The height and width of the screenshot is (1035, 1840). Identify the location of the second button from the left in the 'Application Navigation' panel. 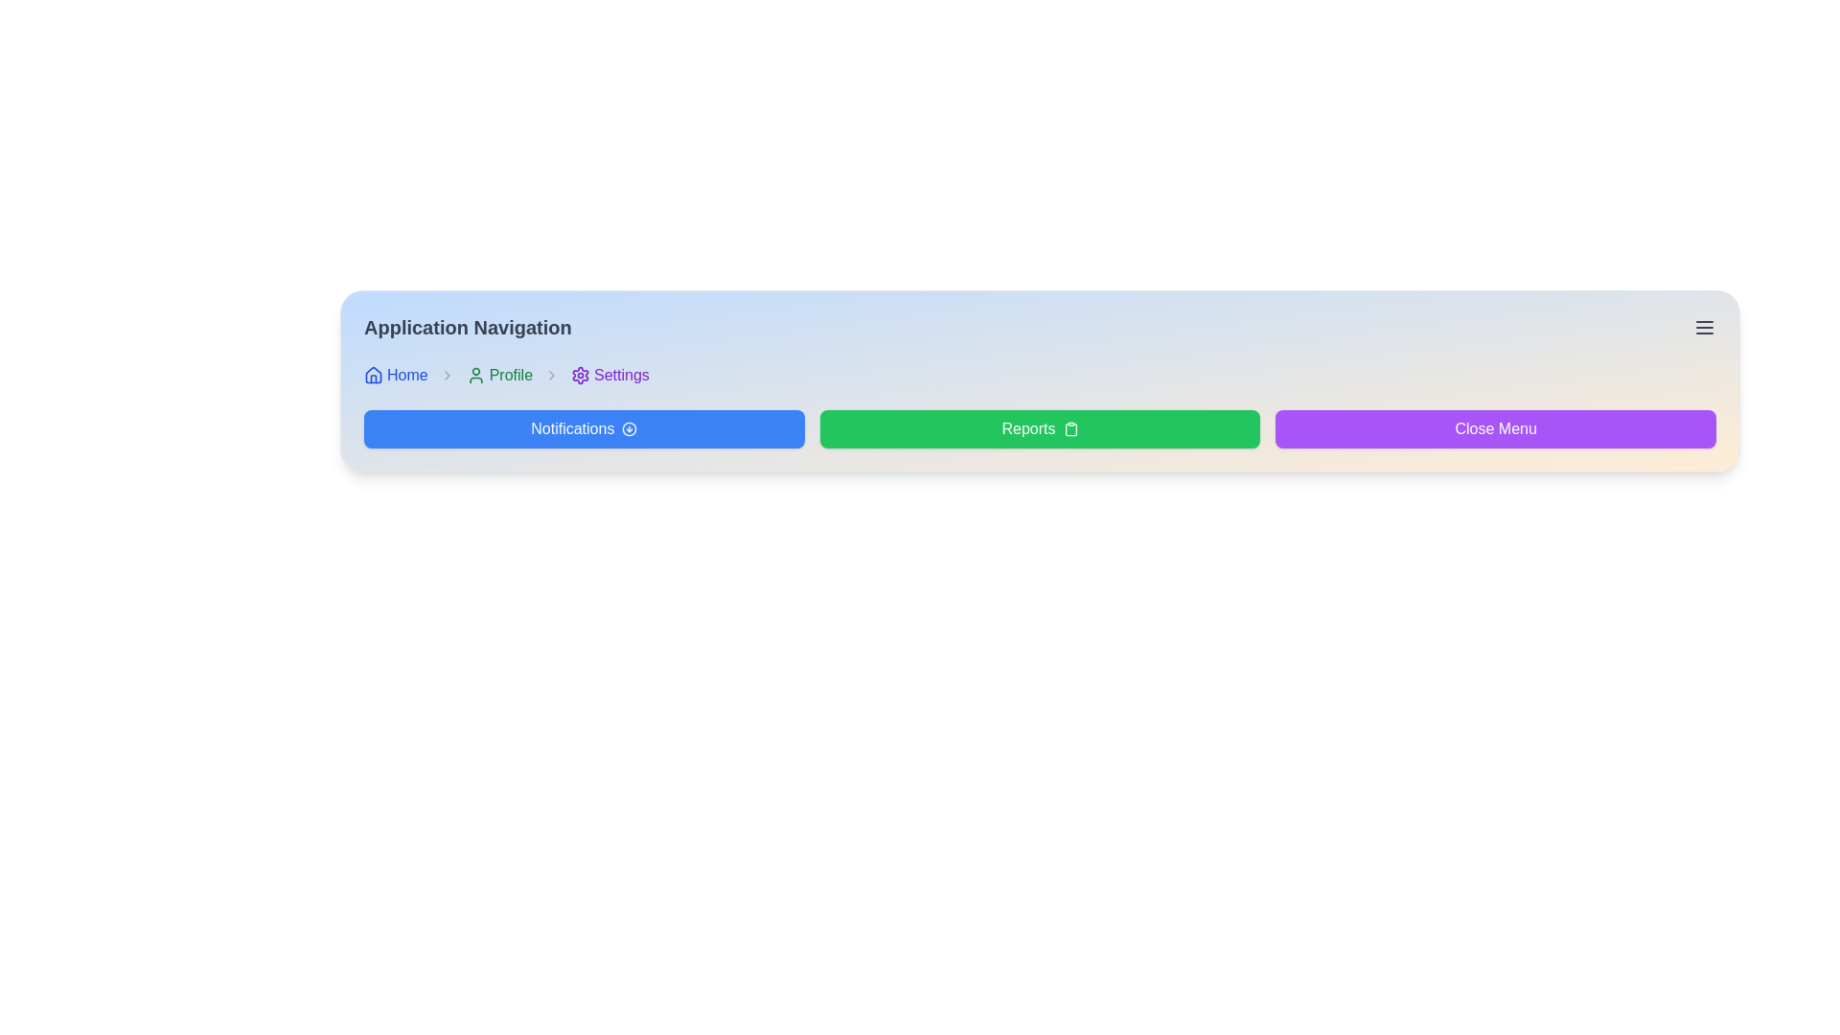
(1039, 427).